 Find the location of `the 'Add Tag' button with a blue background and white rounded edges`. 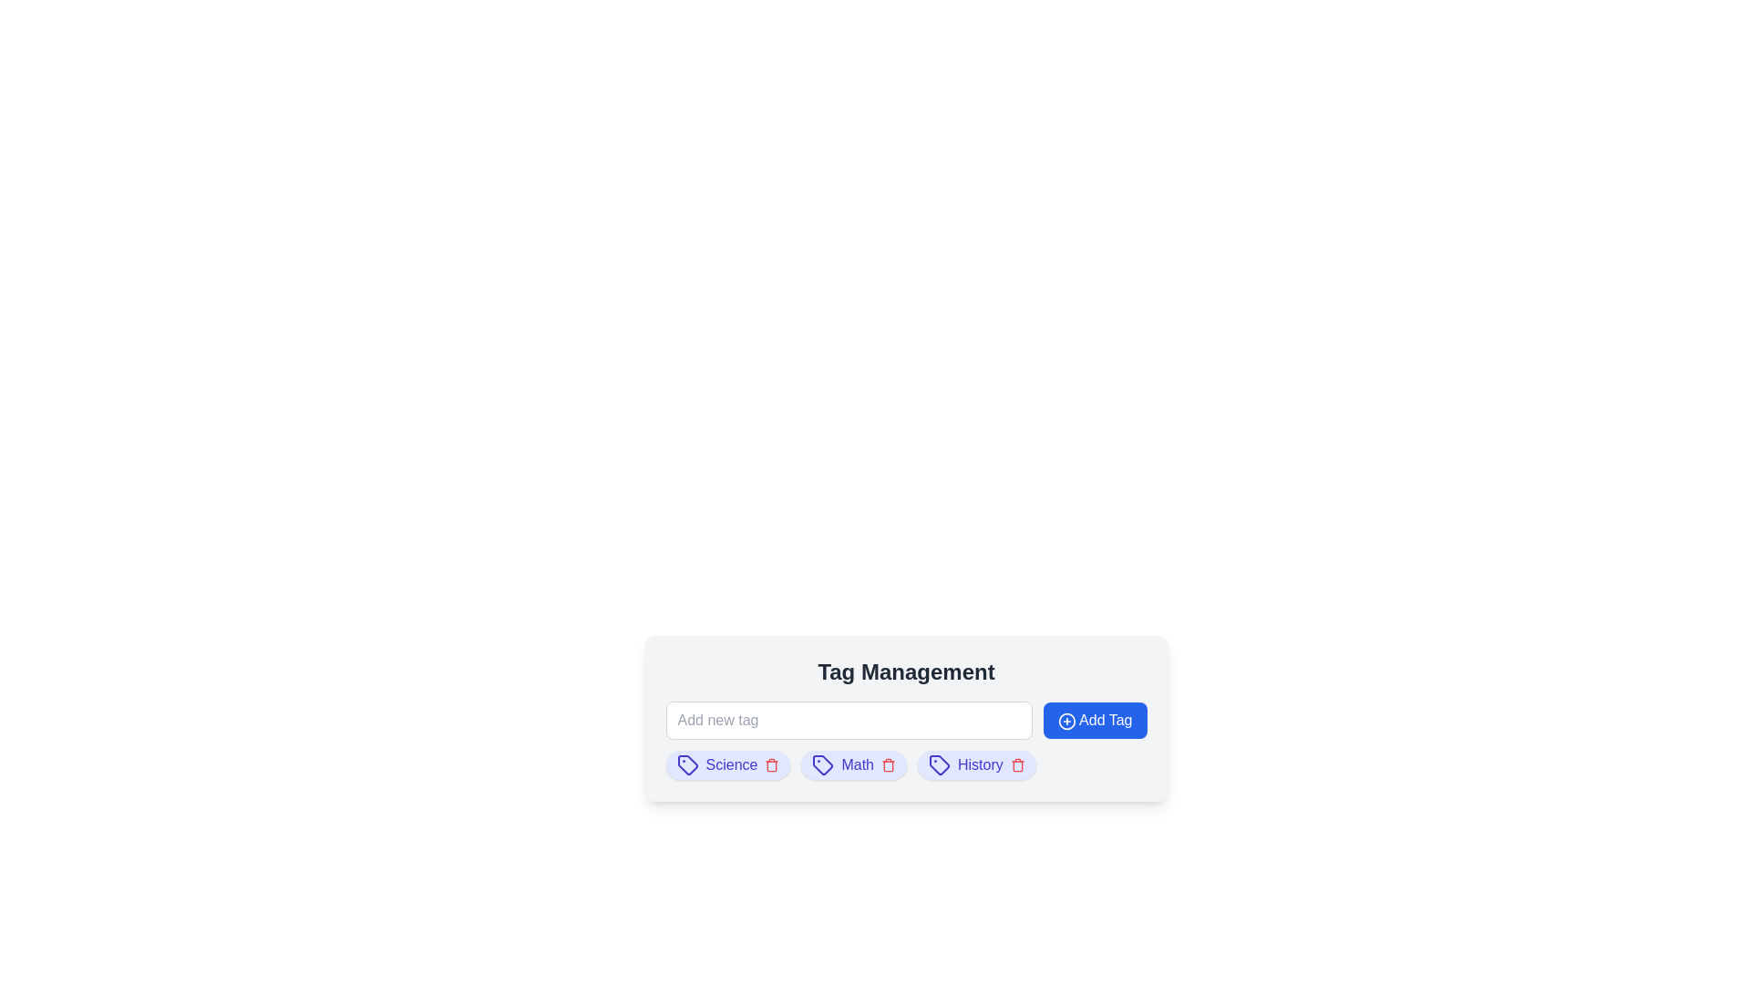

the 'Add Tag' button with a blue background and white rounded edges is located at coordinates (1094, 719).